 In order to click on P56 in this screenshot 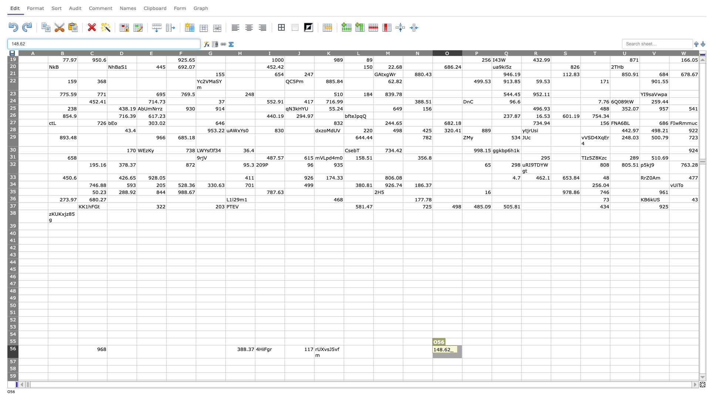, I will do `click(477, 351)`.